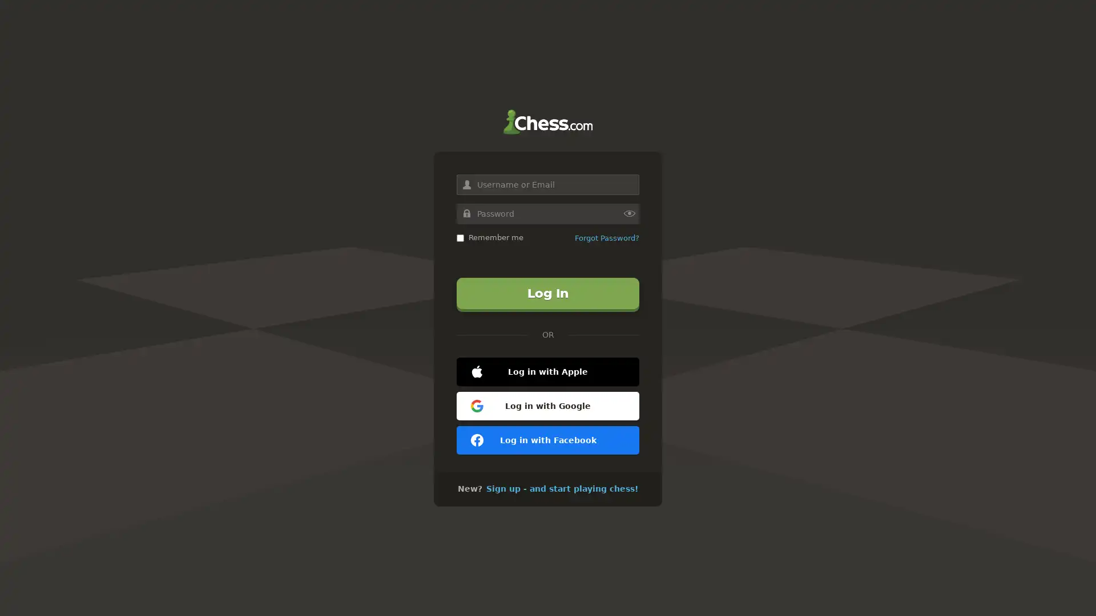  What do you see at coordinates (548, 293) in the screenshot?
I see `Log In` at bounding box center [548, 293].